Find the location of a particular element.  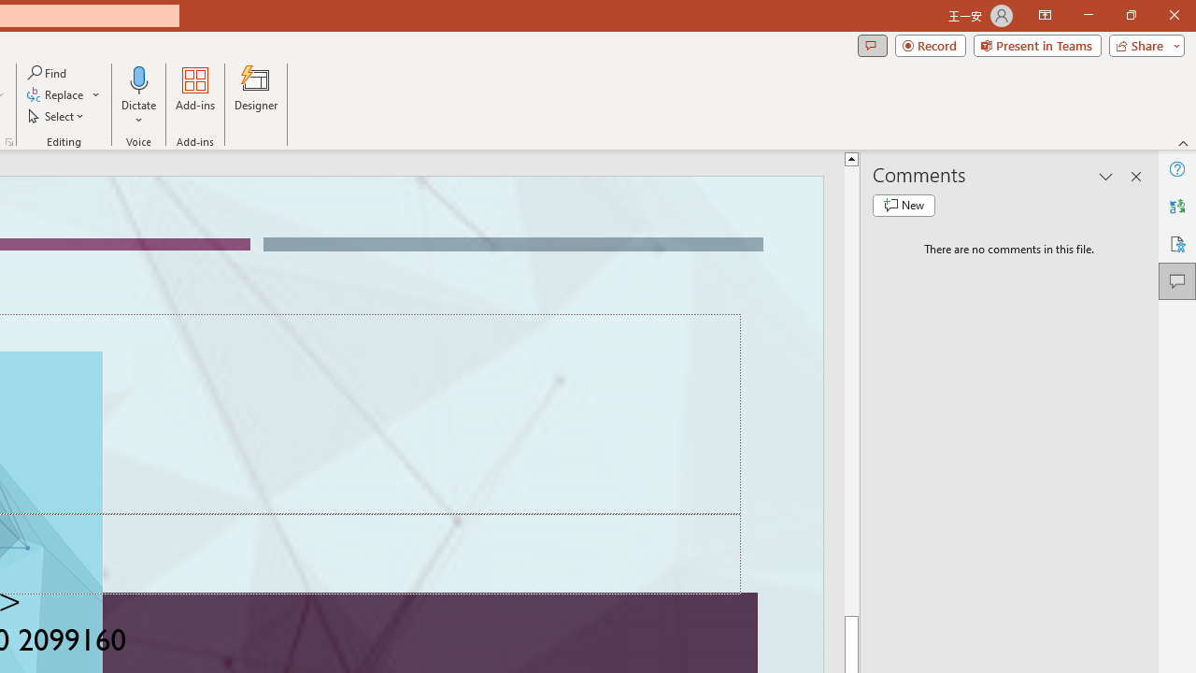

'Translator' is located at coordinates (1176, 207).